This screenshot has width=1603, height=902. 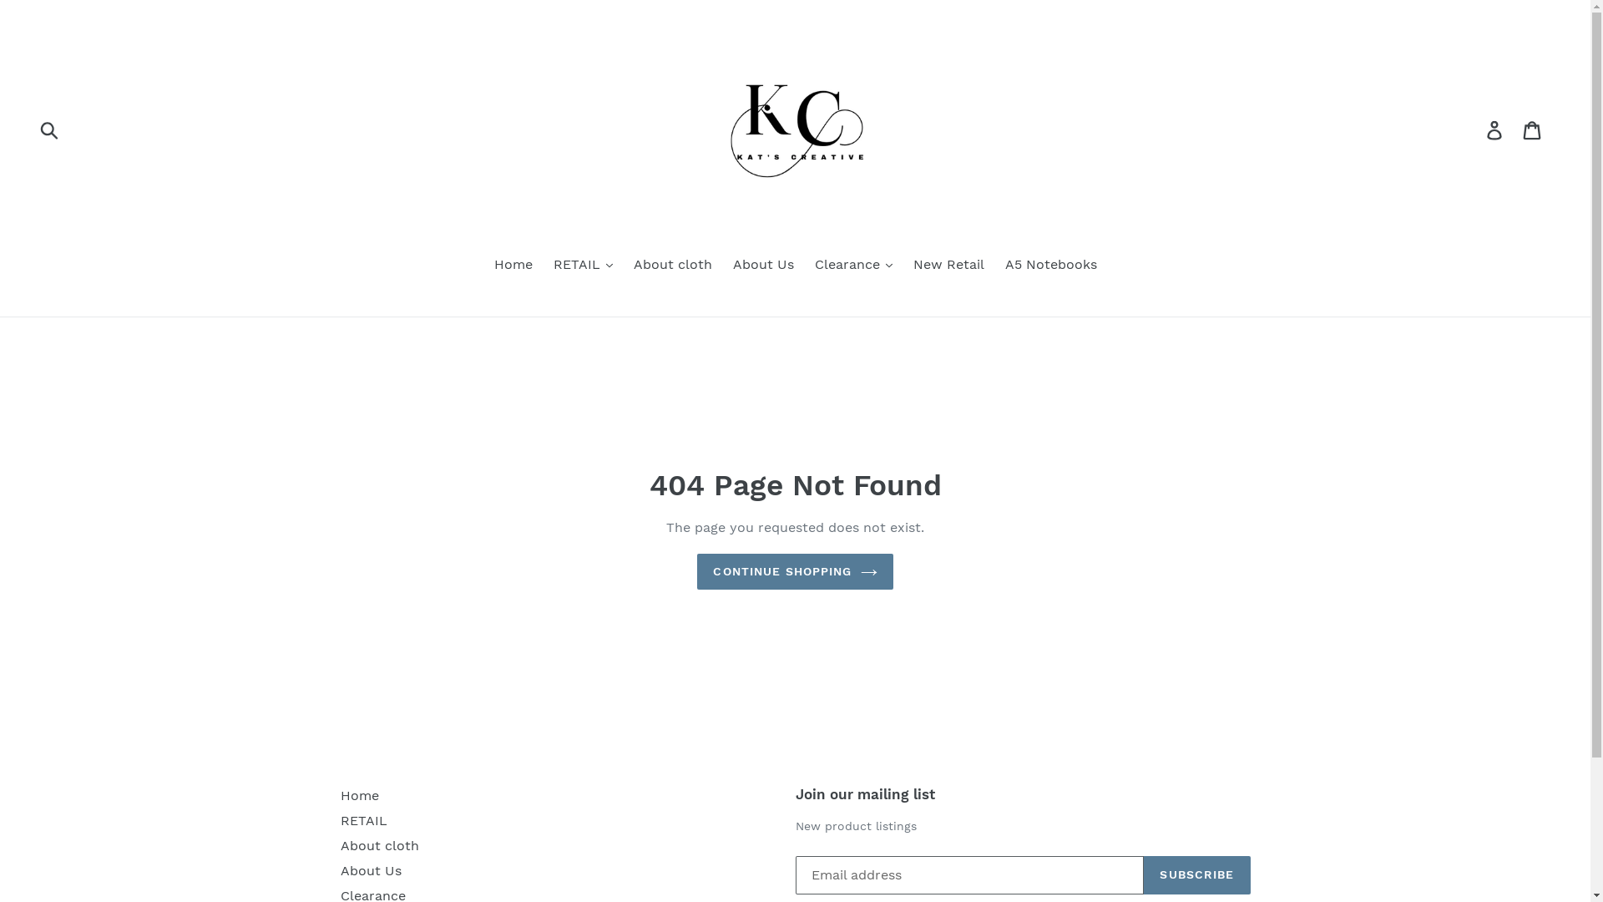 I want to click on 'About Us', so click(x=370, y=869).